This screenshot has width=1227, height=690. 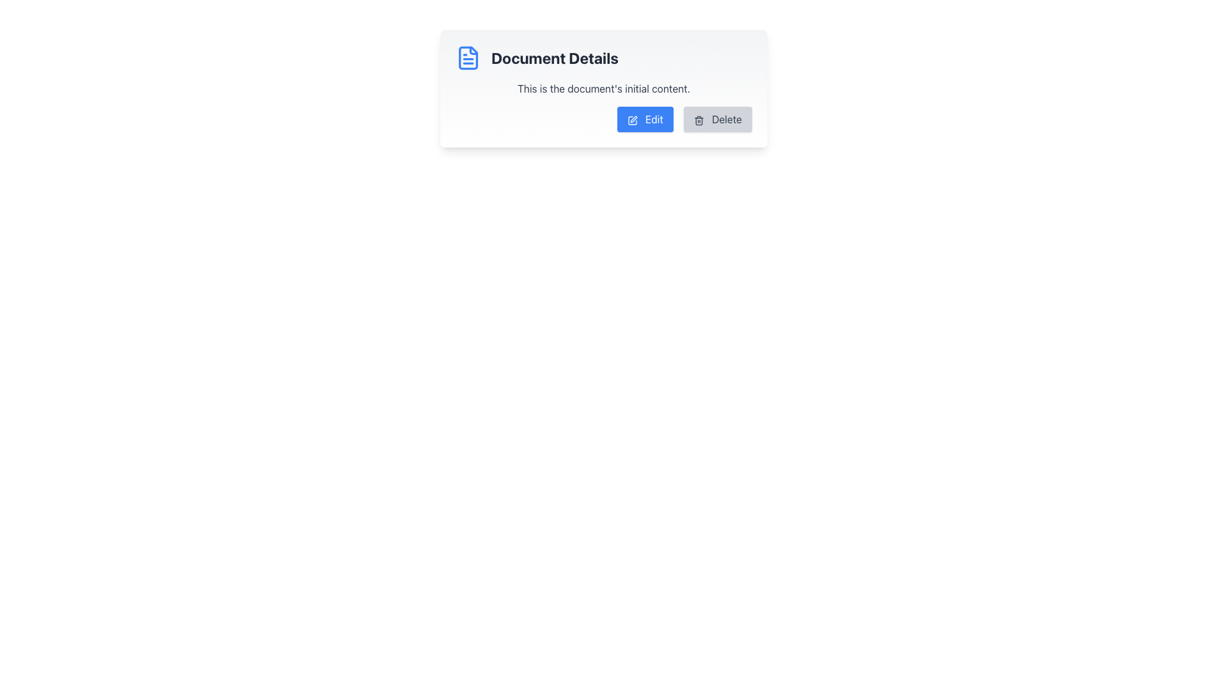 I want to click on the text element displaying the initial content of a document, located below the 'Document Details' heading and above the 'Edit' and 'Delete' buttons, so click(x=603, y=88).